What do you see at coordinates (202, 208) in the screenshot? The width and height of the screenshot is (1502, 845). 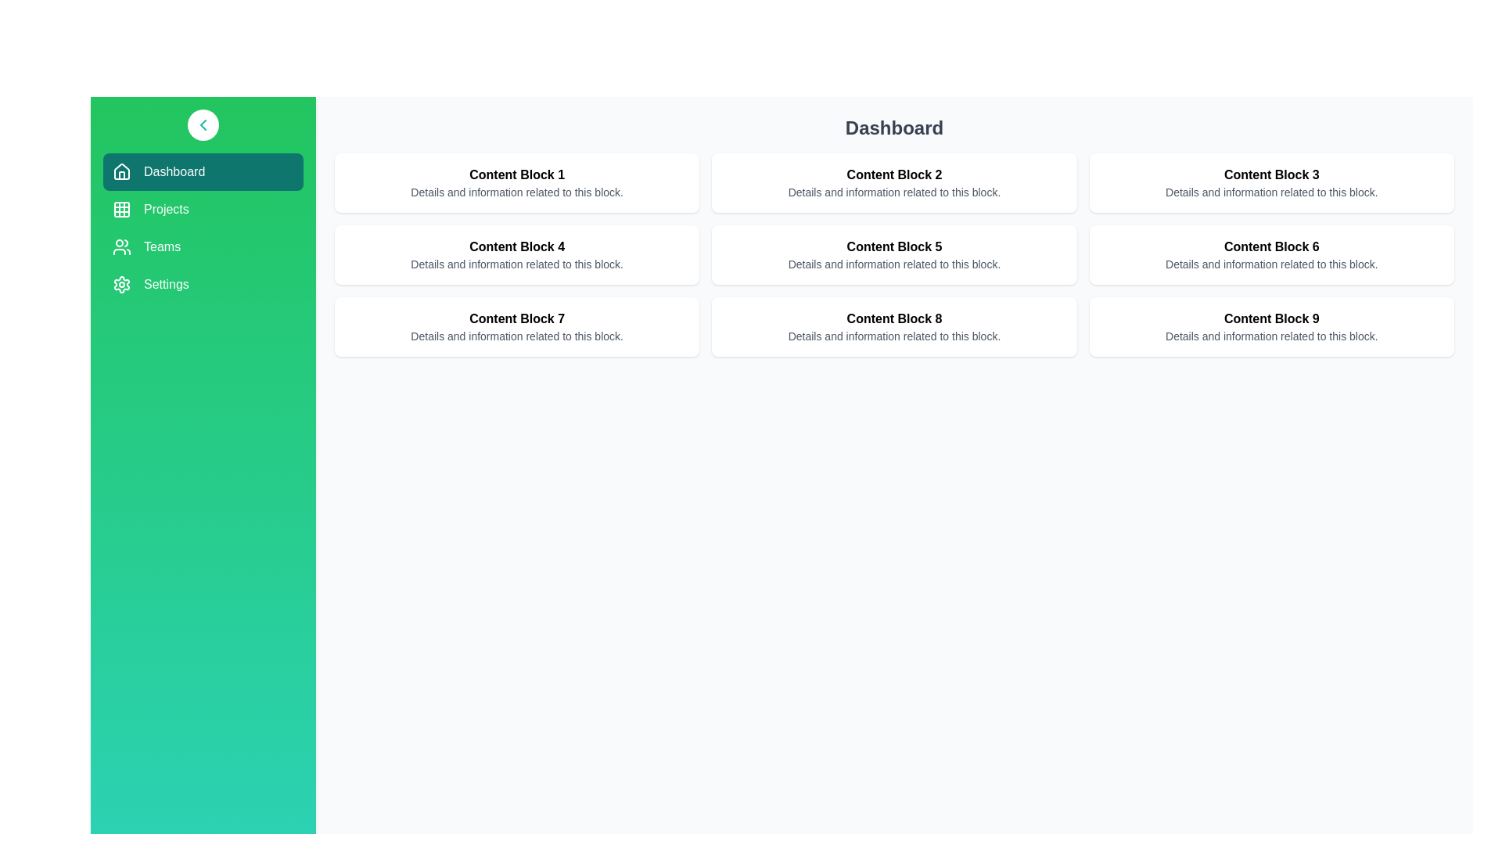 I see `the menu item Projects from the sidebar` at bounding box center [202, 208].